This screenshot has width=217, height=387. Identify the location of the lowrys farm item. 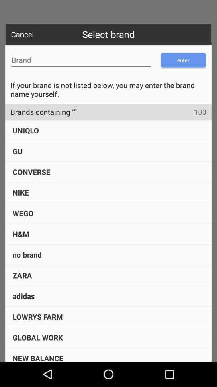
(37, 316).